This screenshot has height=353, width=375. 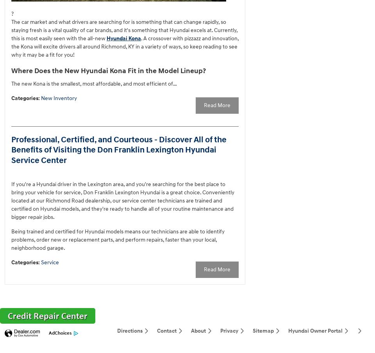 What do you see at coordinates (12, 13) in the screenshot?
I see `'?'` at bounding box center [12, 13].